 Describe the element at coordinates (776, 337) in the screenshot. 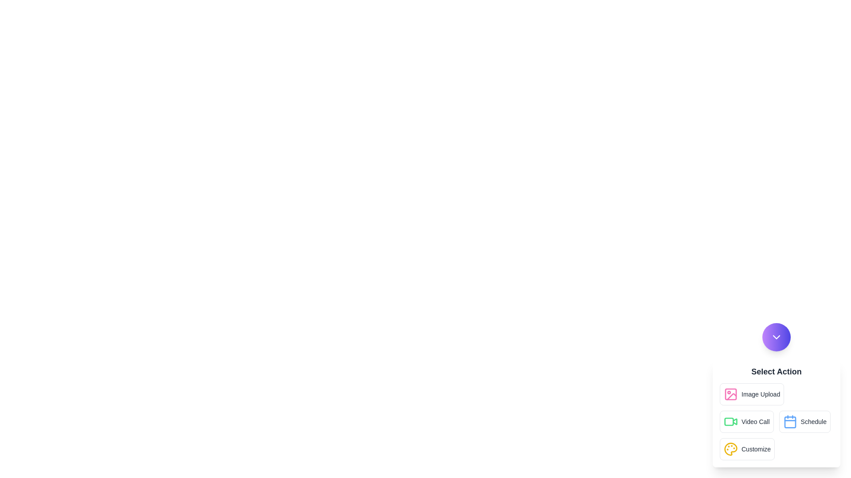

I see `the chevron icon in the circular button at the bottom-right corner of the interface` at that location.